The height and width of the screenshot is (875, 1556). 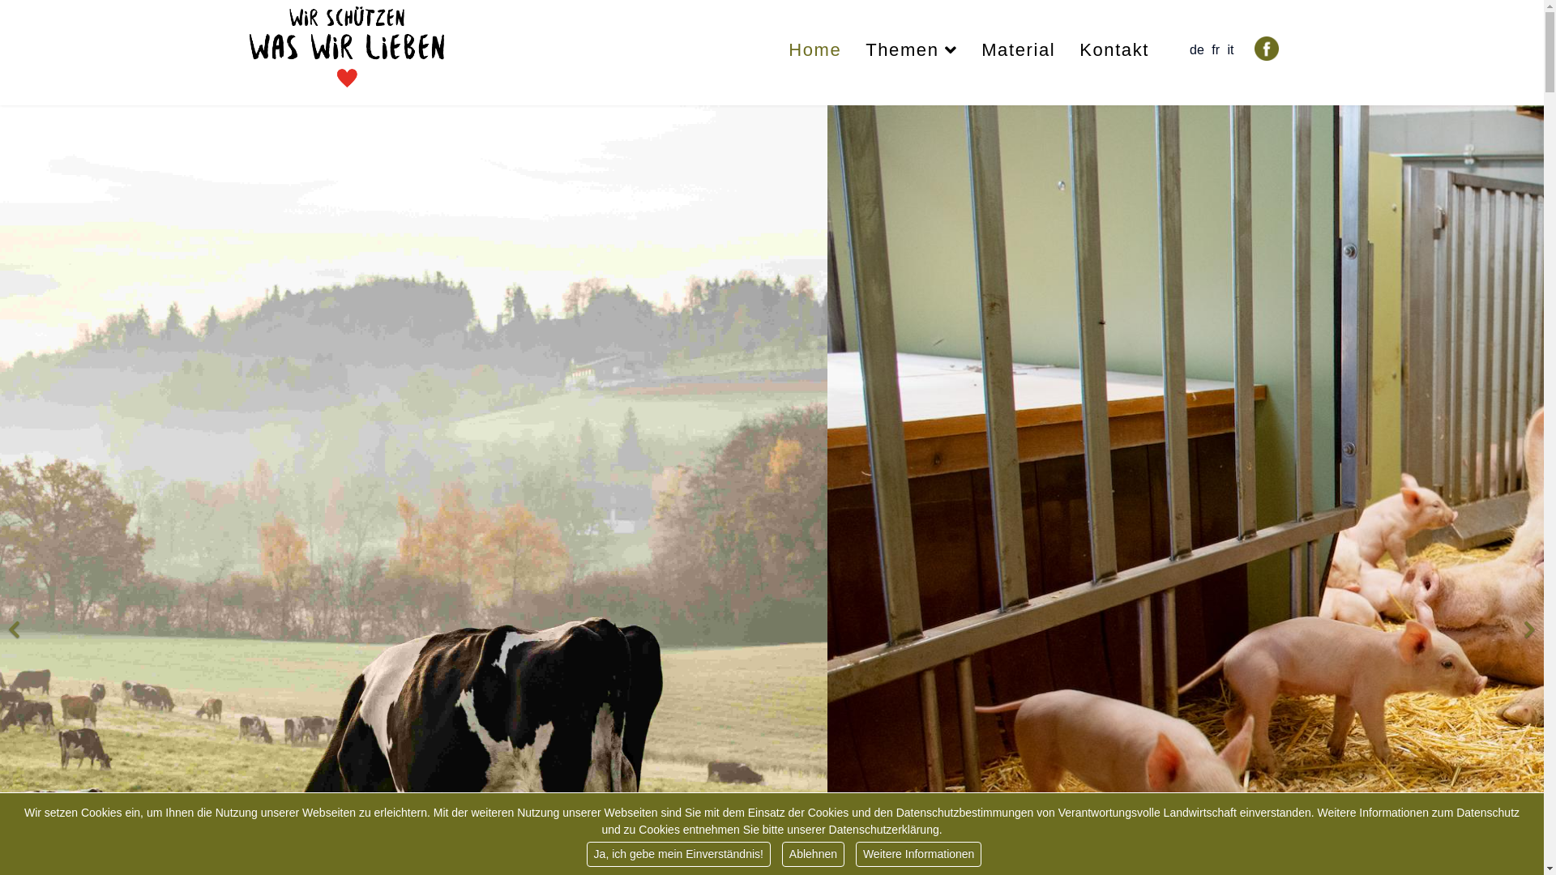 I want to click on 'Material', so click(x=1017, y=49).